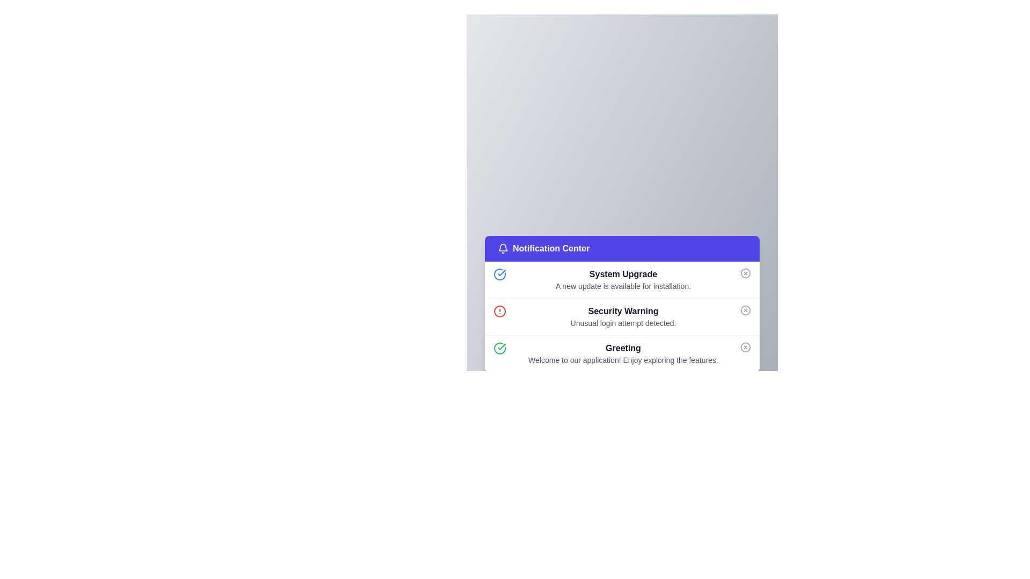 This screenshot has width=1030, height=579. I want to click on the middle notification in the Notification Panel, which is centrally located below a blue gradient background and surrounded by three vertically stacked notifications, so click(622, 304).